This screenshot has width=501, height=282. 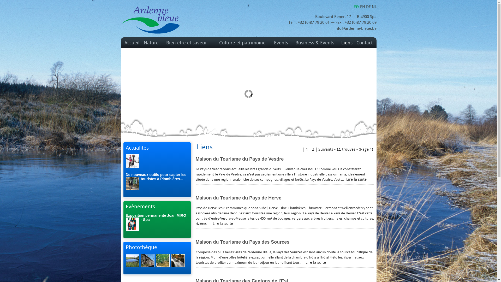 What do you see at coordinates (242, 43) in the screenshot?
I see `'Culture et patrimoine'` at bounding box center [242, 43].